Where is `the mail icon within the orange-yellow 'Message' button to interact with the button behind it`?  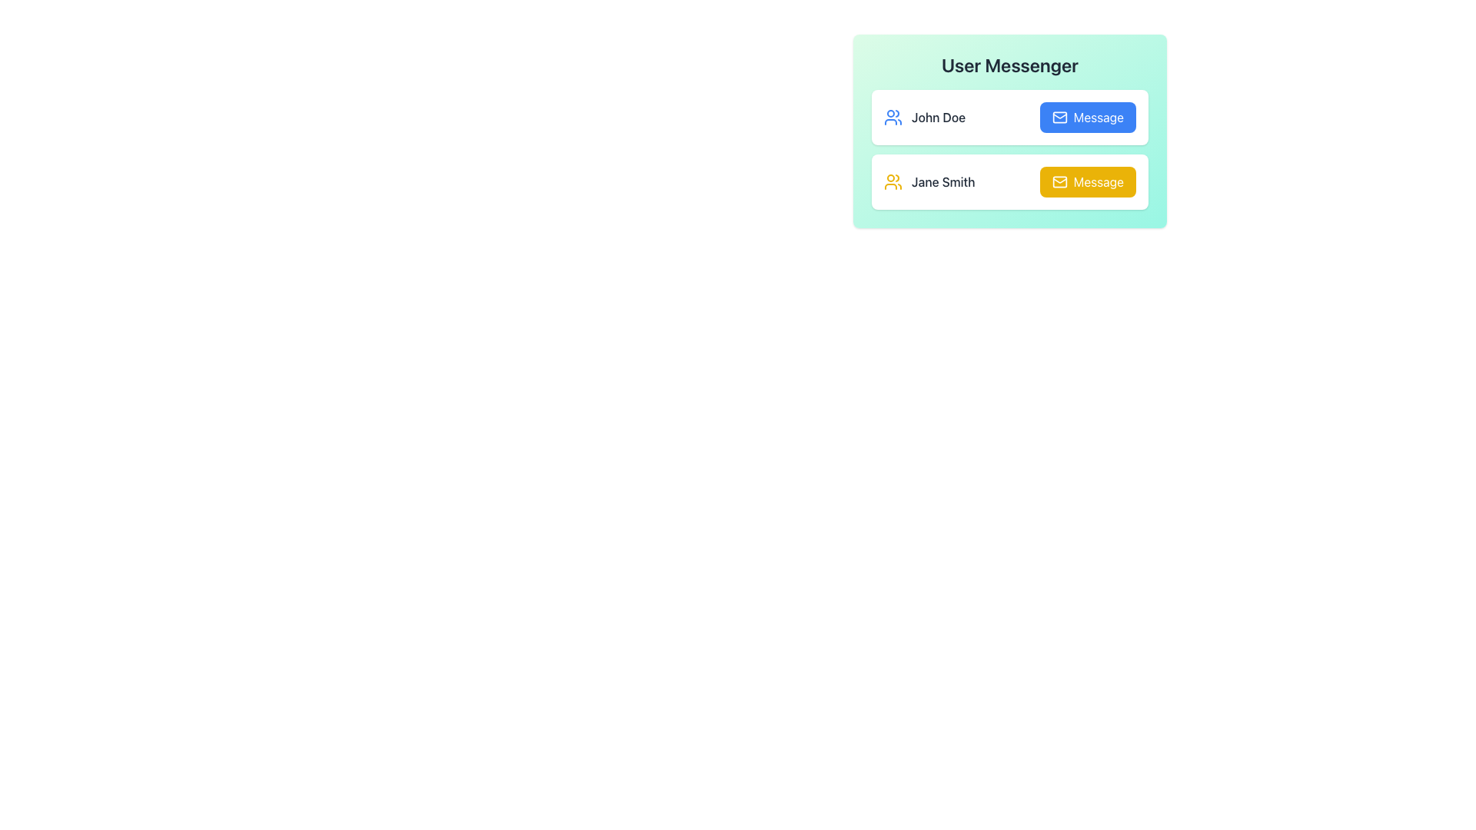
the mail icon within the orange-yellow 'Message' button to interact with the button behind it is located at coordinates (1059, 181).